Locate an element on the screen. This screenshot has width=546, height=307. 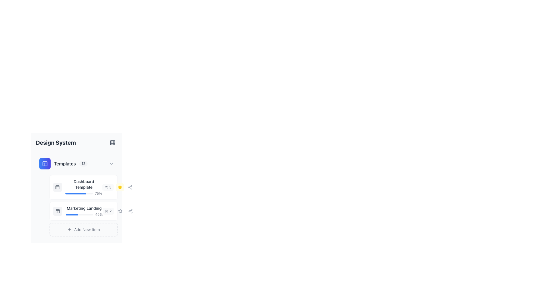
the first clickable header or menu item is located at coordinates (76, 163).